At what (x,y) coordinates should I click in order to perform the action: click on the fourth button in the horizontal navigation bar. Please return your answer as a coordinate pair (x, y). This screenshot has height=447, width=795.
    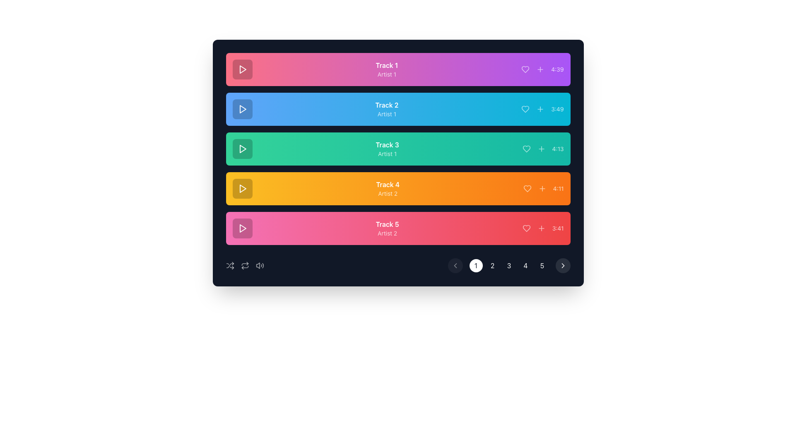
    Looking at the image, I should click on (525, 265).